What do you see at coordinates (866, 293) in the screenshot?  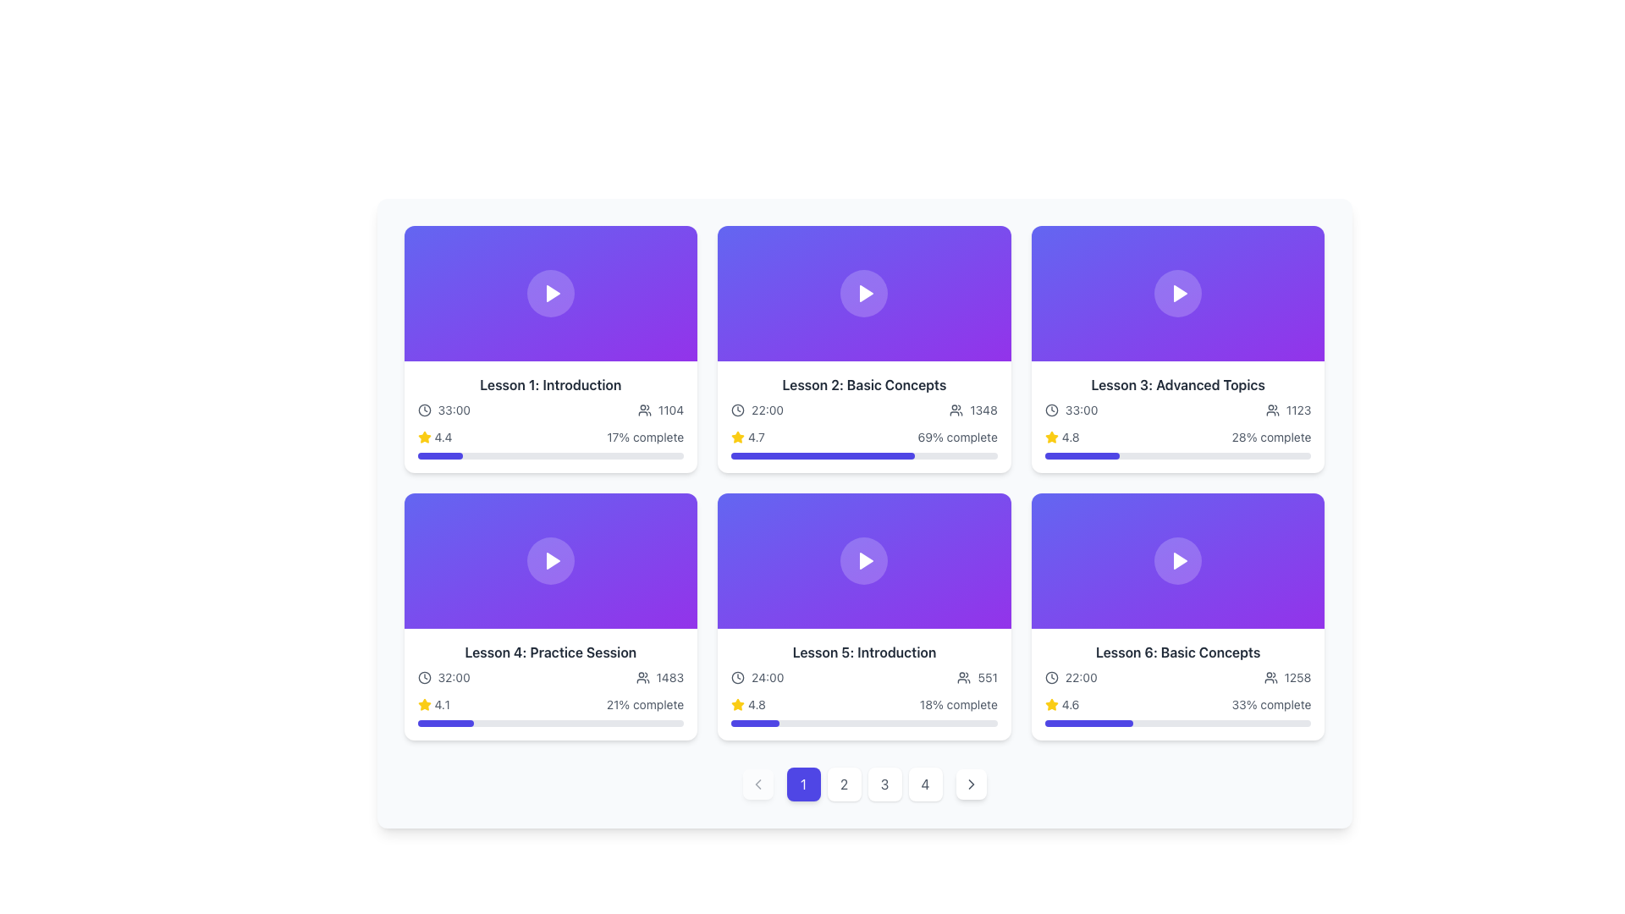 I see `the triangular icon pointing right, encased within a circular background, centered in the purple card labeled 'Lesson 2: Basic Concepts' to potentially reveal more options` at bounding box center [866, 293].